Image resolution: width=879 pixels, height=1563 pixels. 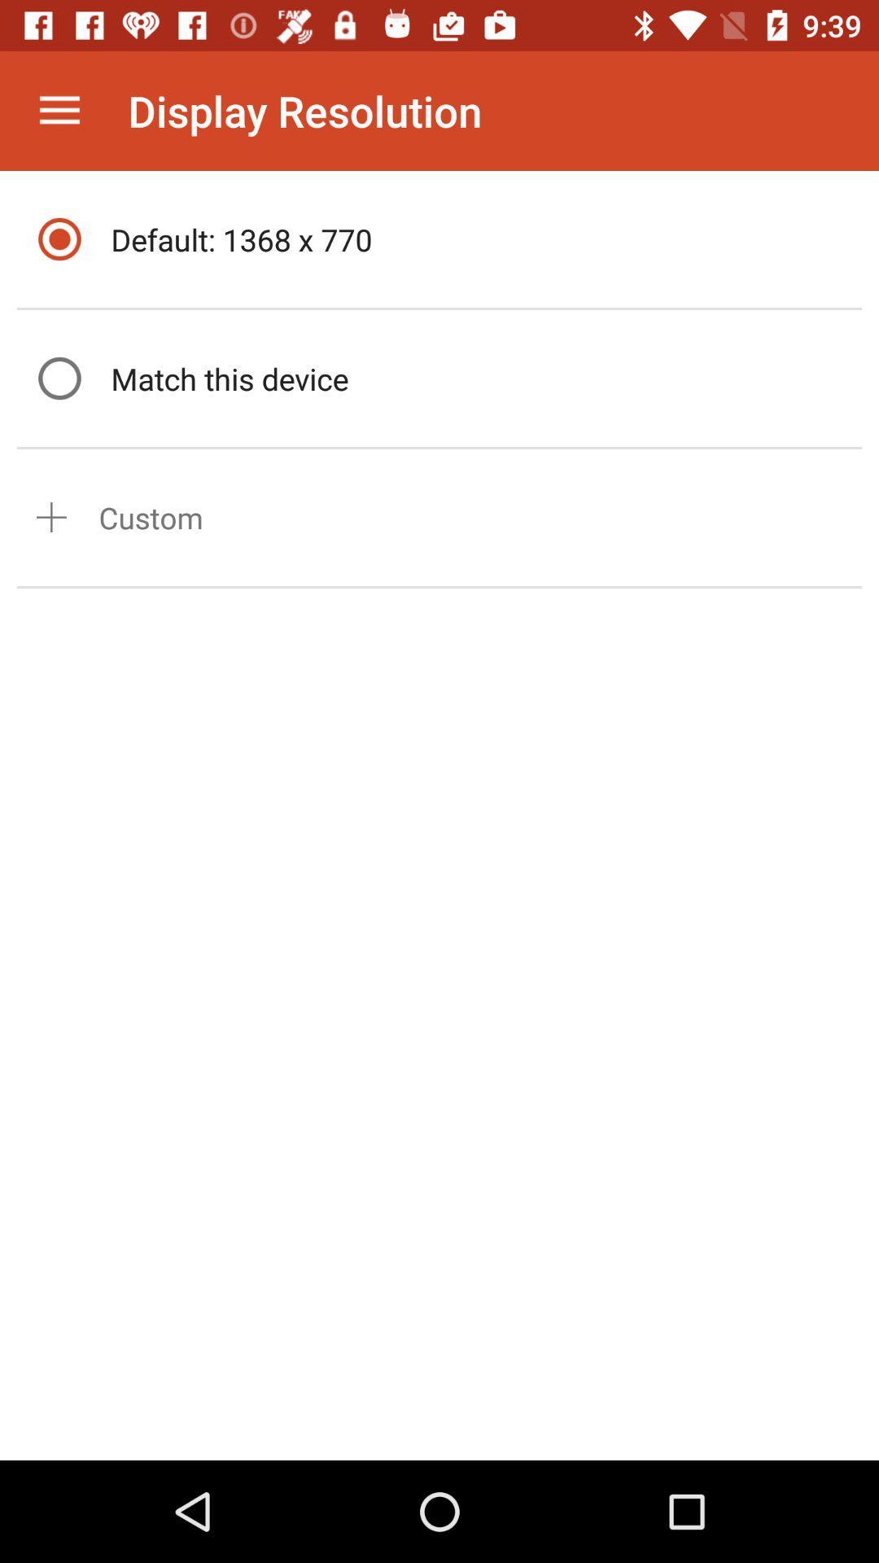 I want to click on the match this device icon, so click(x=481, y=378).